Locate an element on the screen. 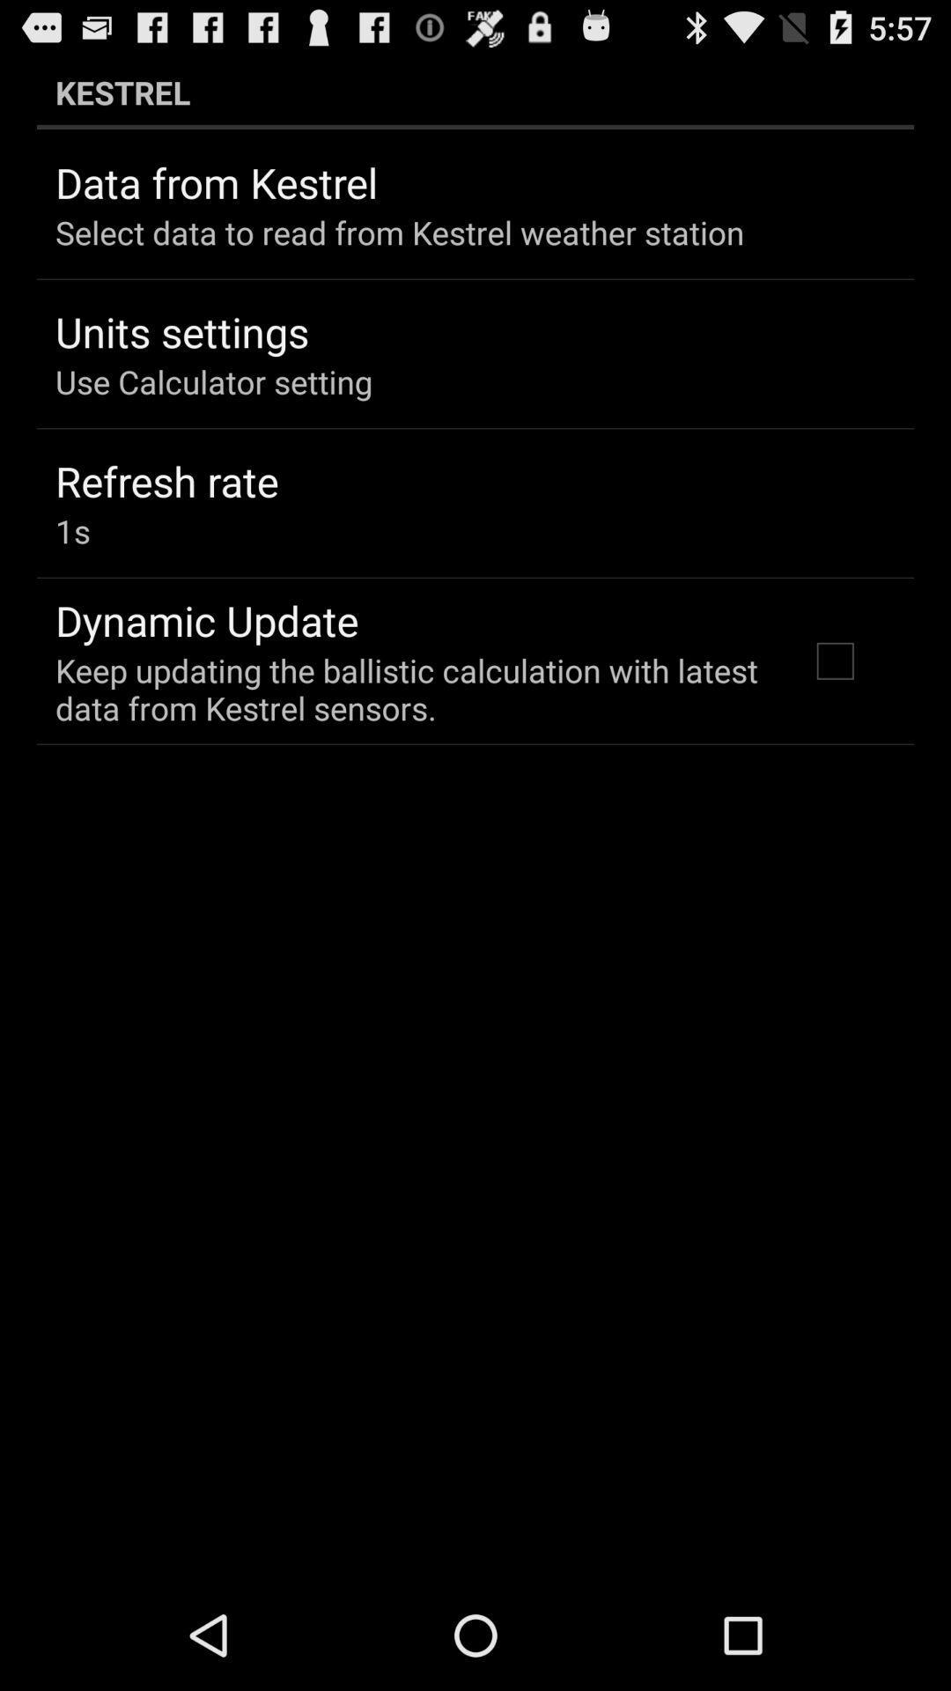 This screenshot has height=1691, width=951. the dynamic update on the left is located at coordinates (206, 620).